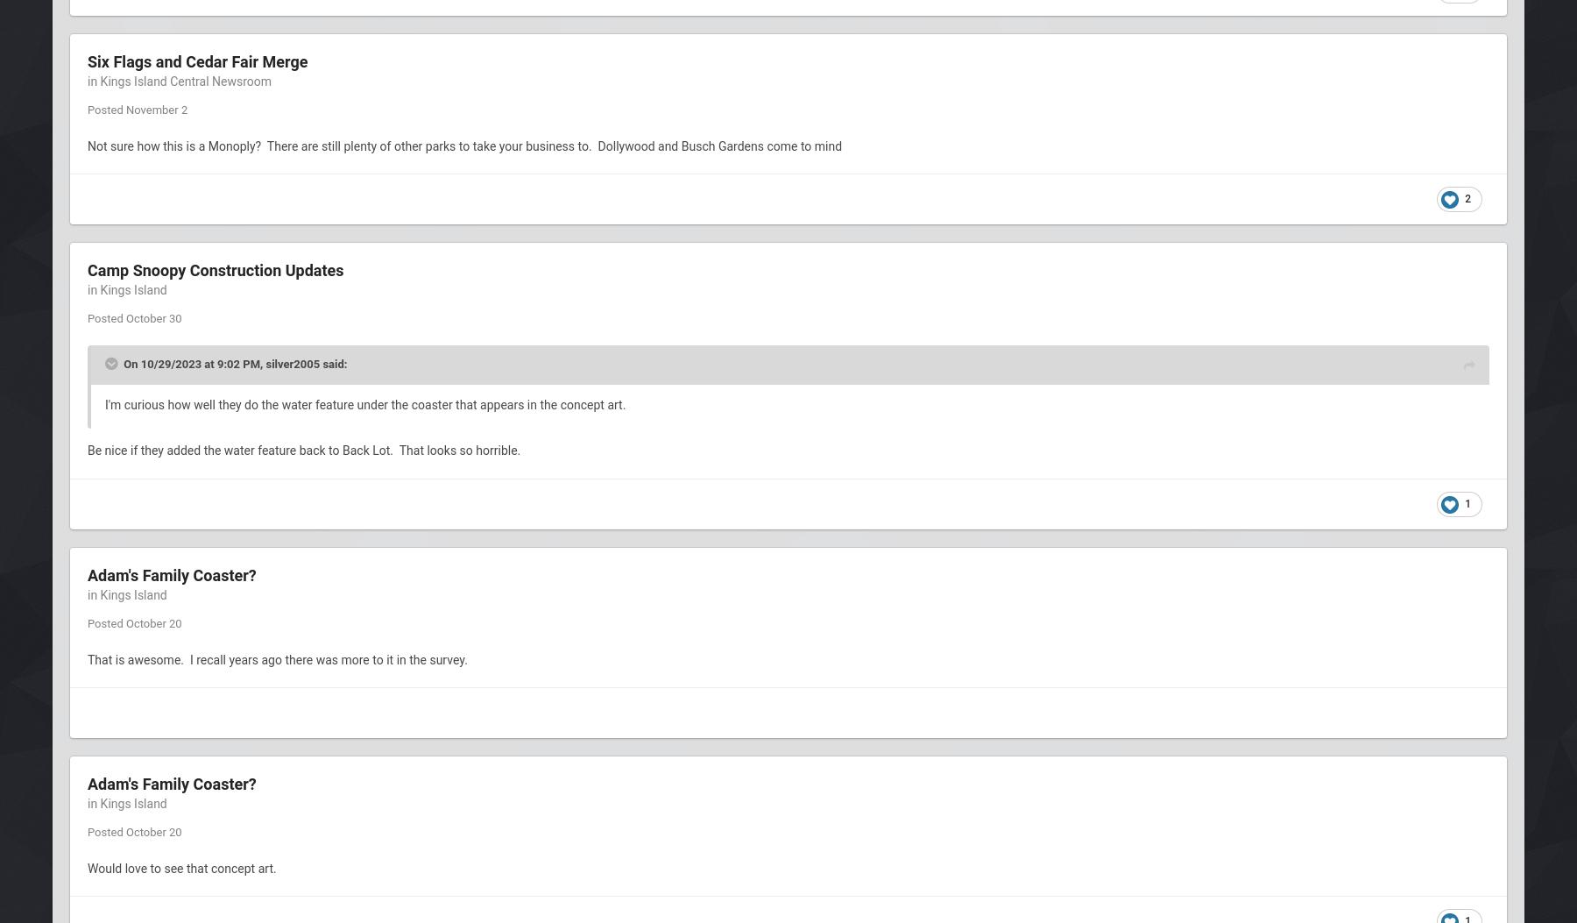  What do you see at coordinates (292, 364) in the screenshot?
I see `'silver2005'` at bounding box center [292, 364].